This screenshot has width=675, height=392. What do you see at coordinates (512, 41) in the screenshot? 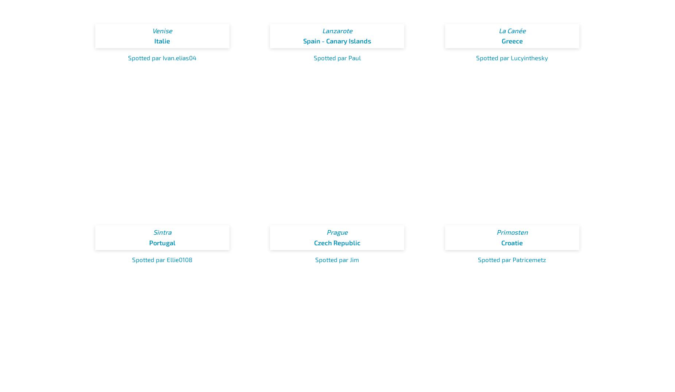
I see `'Greece'` at bounding box center [512, 41].